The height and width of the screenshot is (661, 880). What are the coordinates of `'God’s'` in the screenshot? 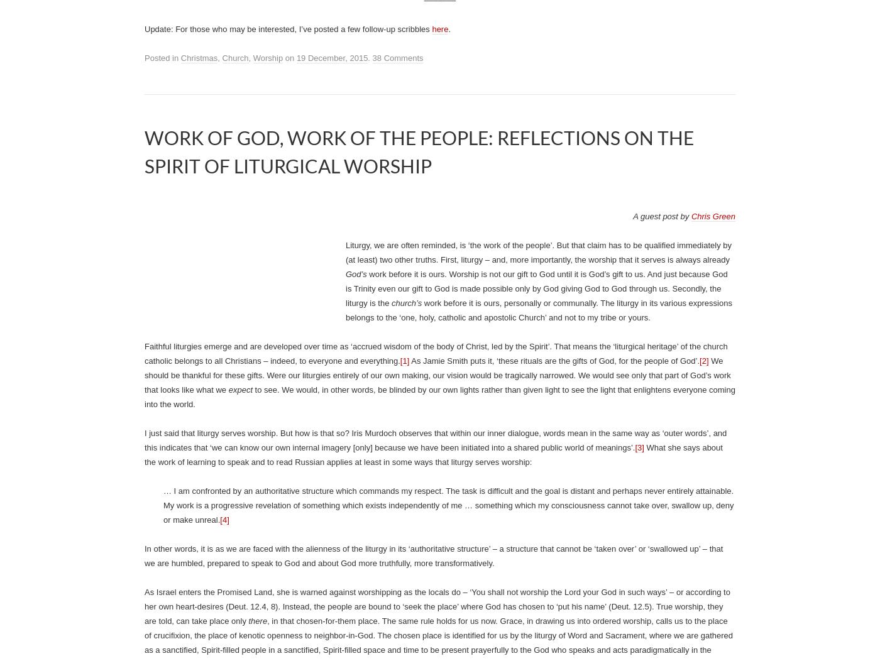 It's located at (346, 273).